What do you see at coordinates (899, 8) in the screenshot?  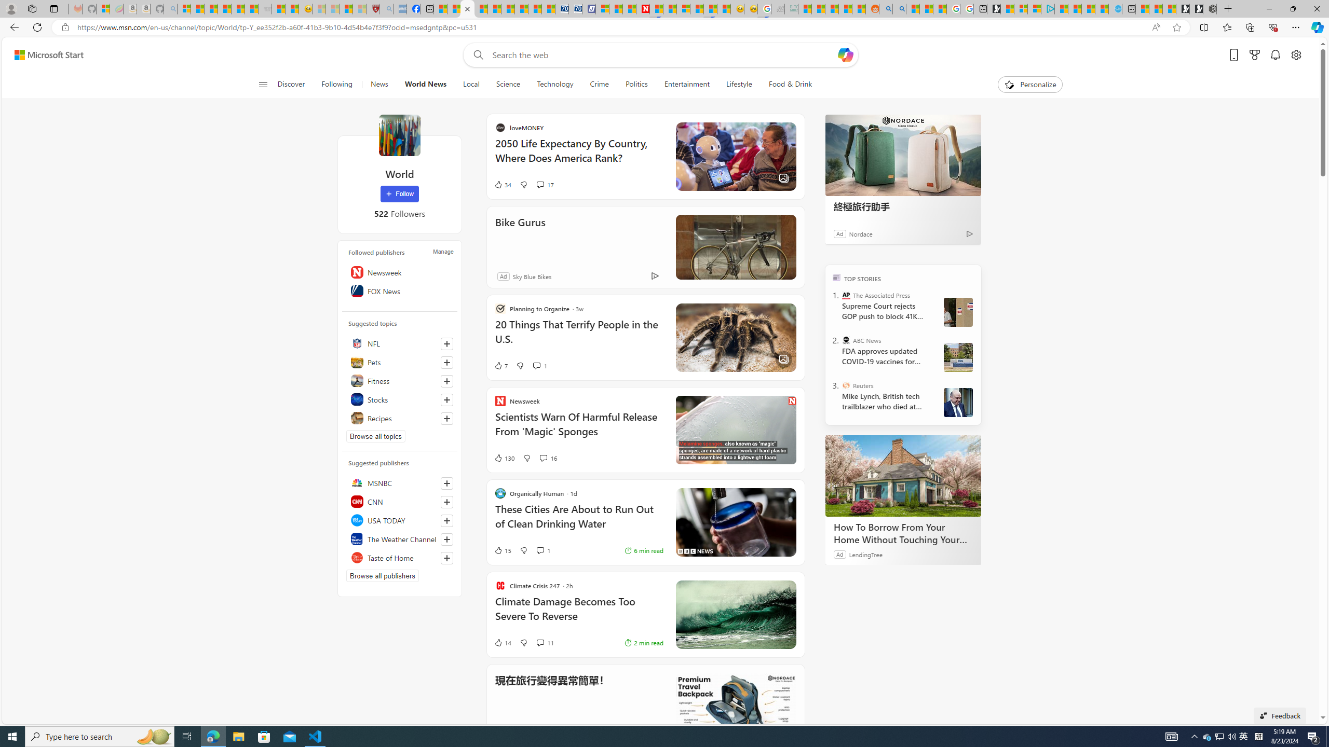 I see `'Utah sues federal government - Search'` at bounding box center [899, 8].